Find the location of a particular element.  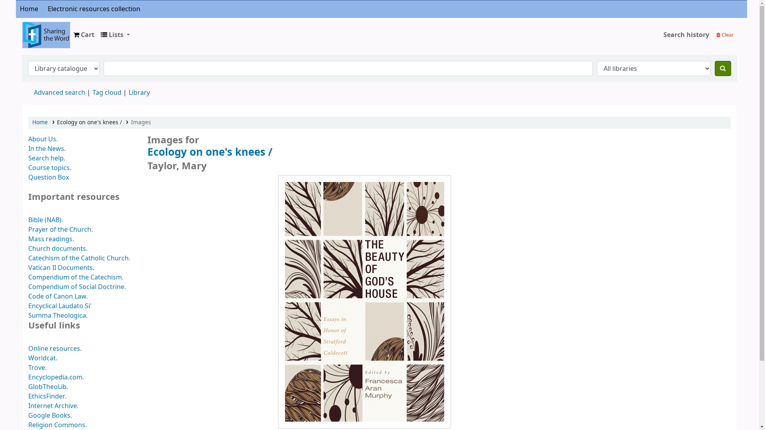

'Worldcat.' is located at coordinates (28, 358).